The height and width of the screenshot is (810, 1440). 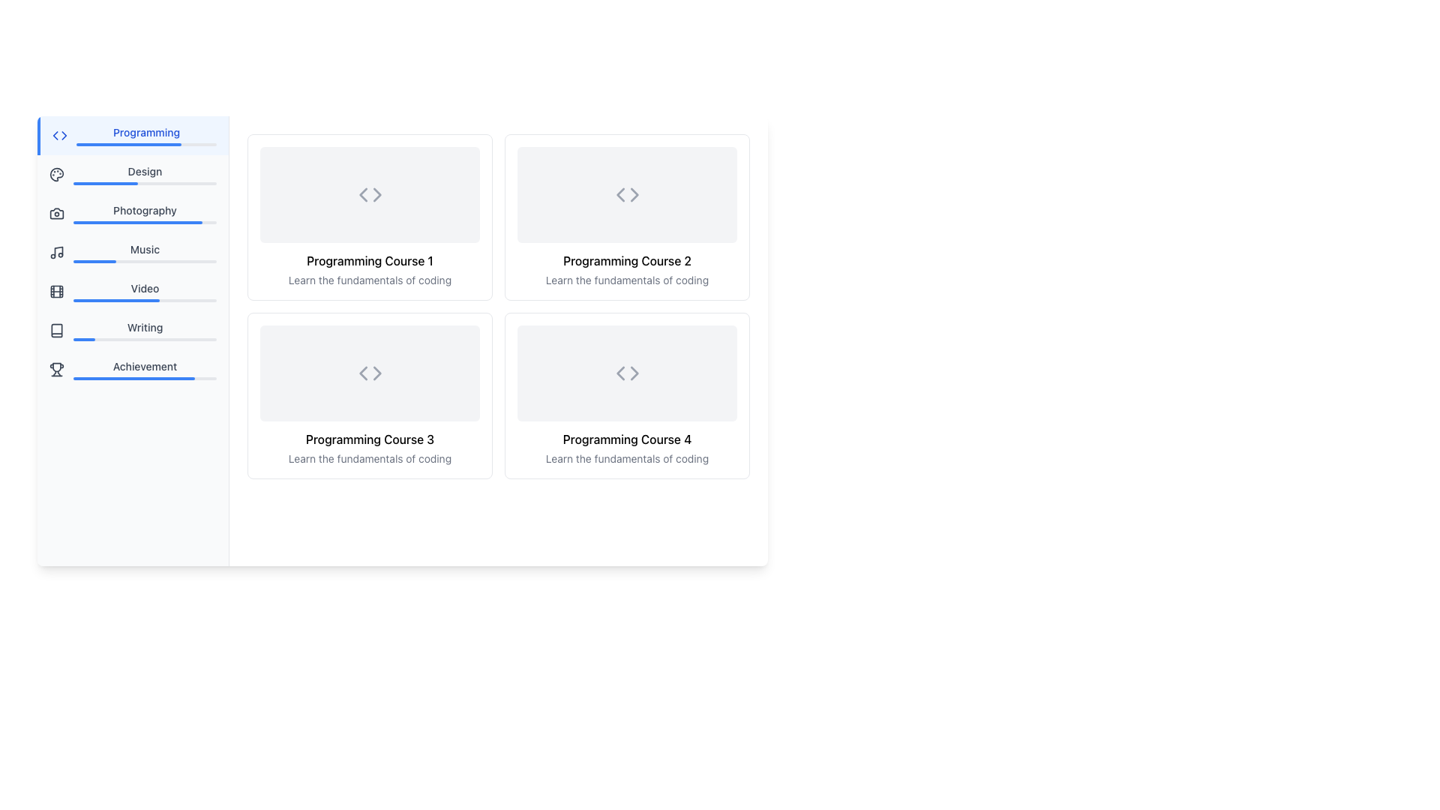 I want to click on the text label indicating 'Programming Course 3', which is located in the lower section of the corresponding card in the grid layout, so click(x=370, y=439).